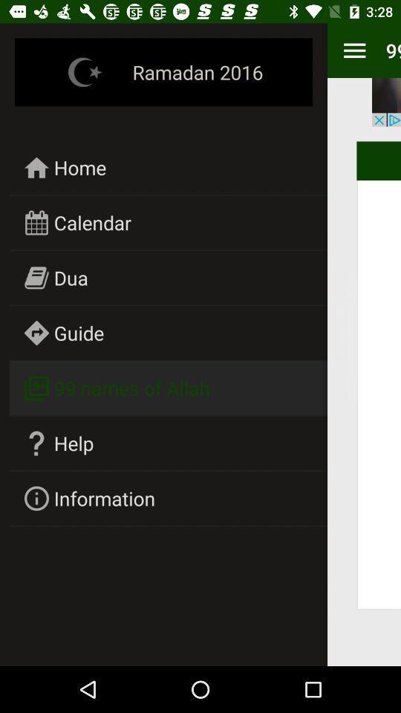  I want to click on menu, so click(353, 51).